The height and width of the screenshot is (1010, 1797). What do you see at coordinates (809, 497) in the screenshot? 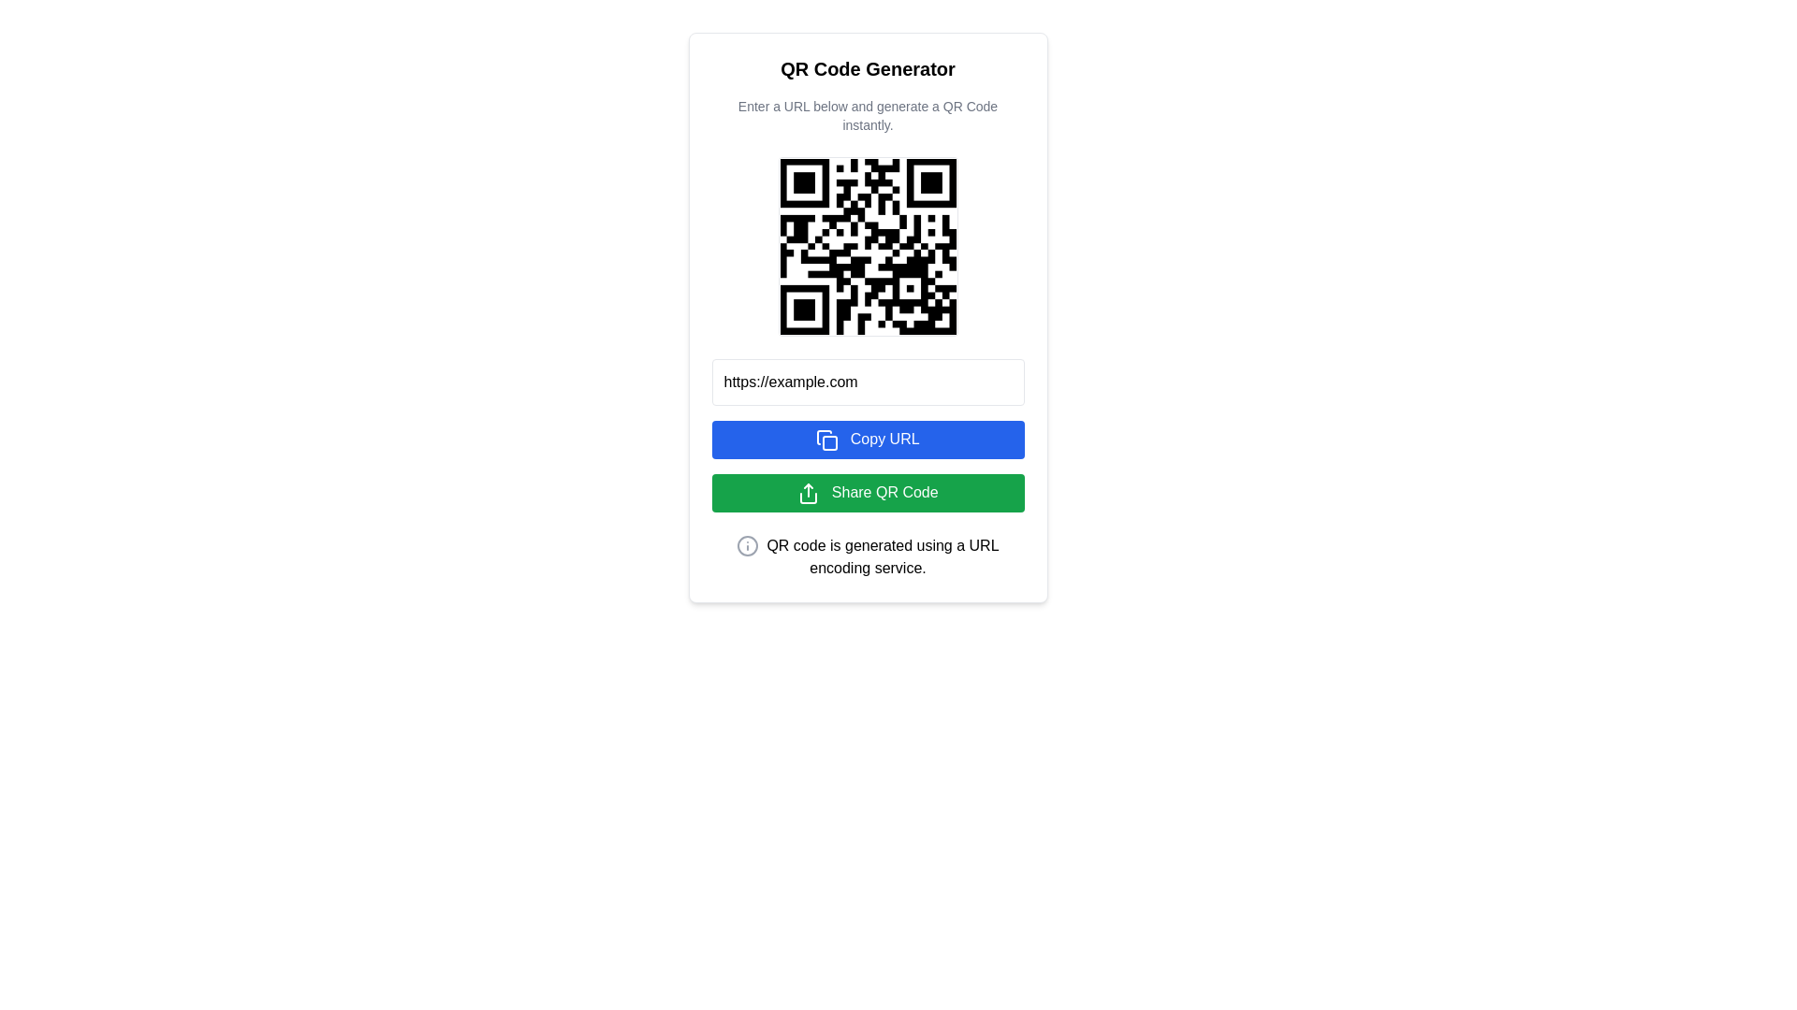
I see `the rectangular-shaped bottom portion of the SVG share icon, which has rounded edges and is located on the right-hand side of the interface, slightly above the central vertical axis` at bounding box center [809, 497].